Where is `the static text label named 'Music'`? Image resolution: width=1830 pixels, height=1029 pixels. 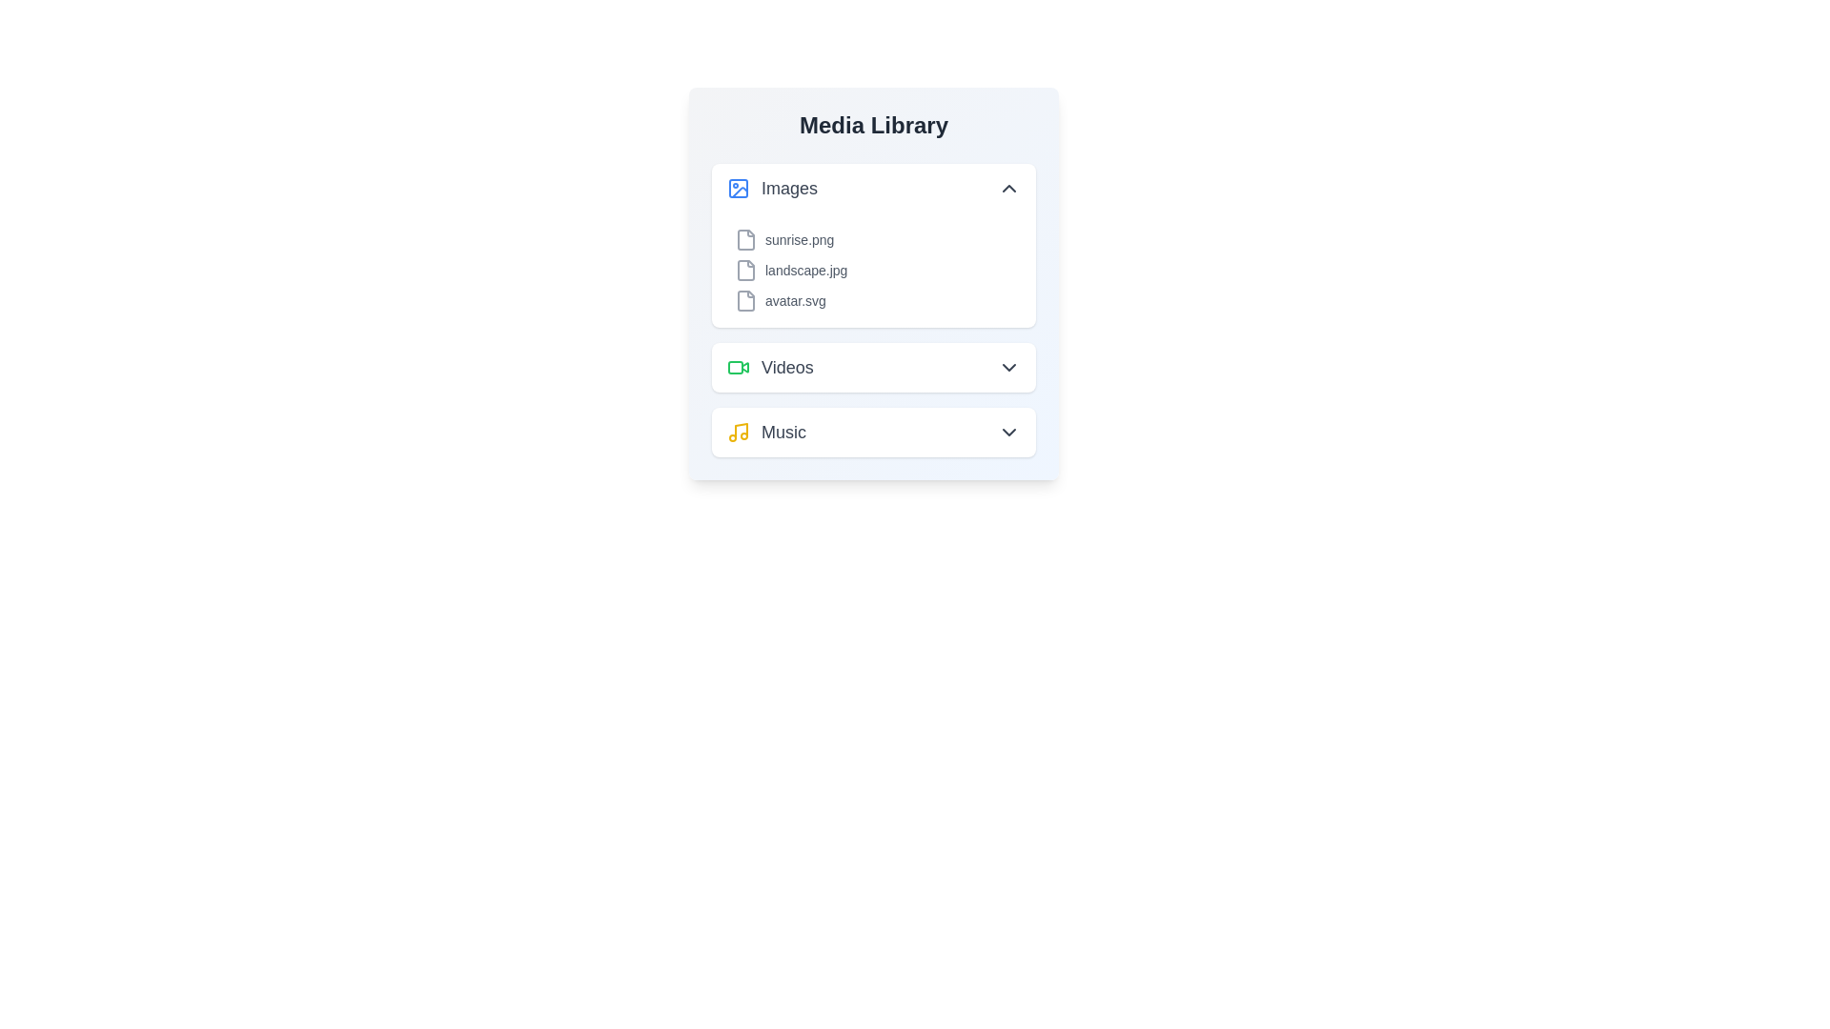 the static text label named 'Music' is located at coordinates (783, 433).